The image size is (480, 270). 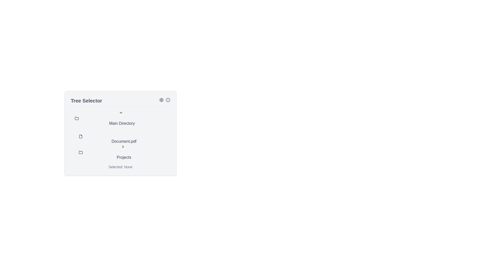 What do you see at coordinates (120, 133) in the screenshot?
I see `files or folders within the navigational tree view` at bounding box center [120, 133].